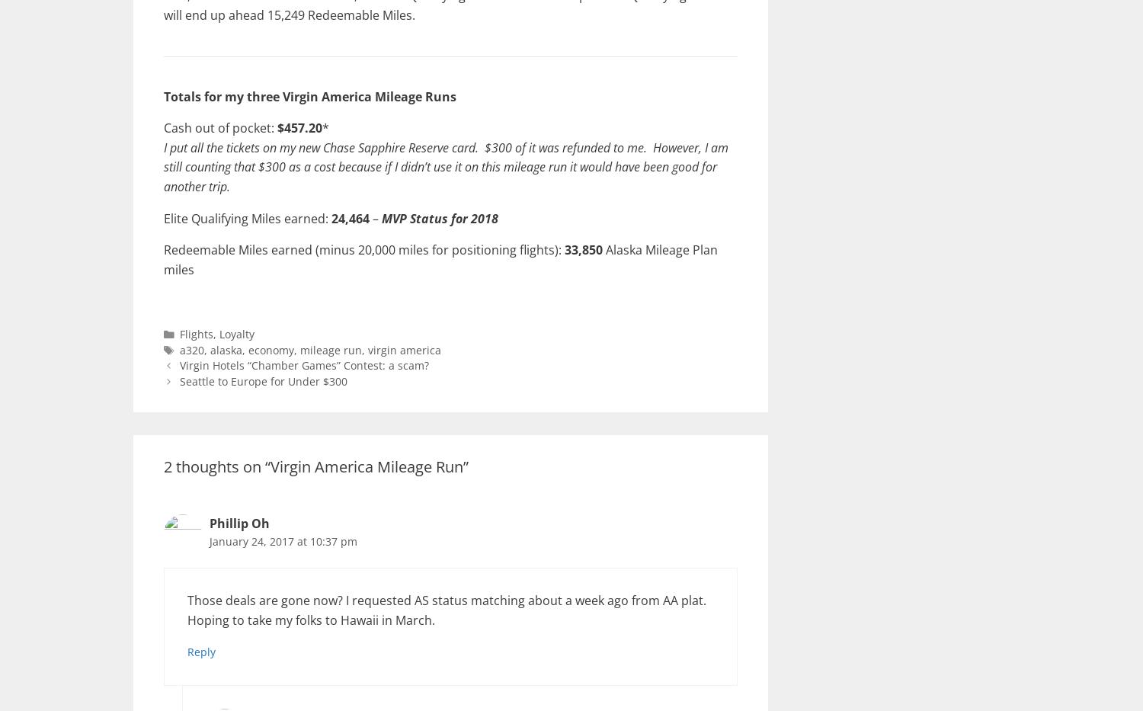 Image resolution: width=1143 pixels, height=711 pixels. What do you see at coordinates (283, 540) in the screenshot?
I see `'January 24, 2017 at 10:37 pm'` at bounding box center [283, 540].